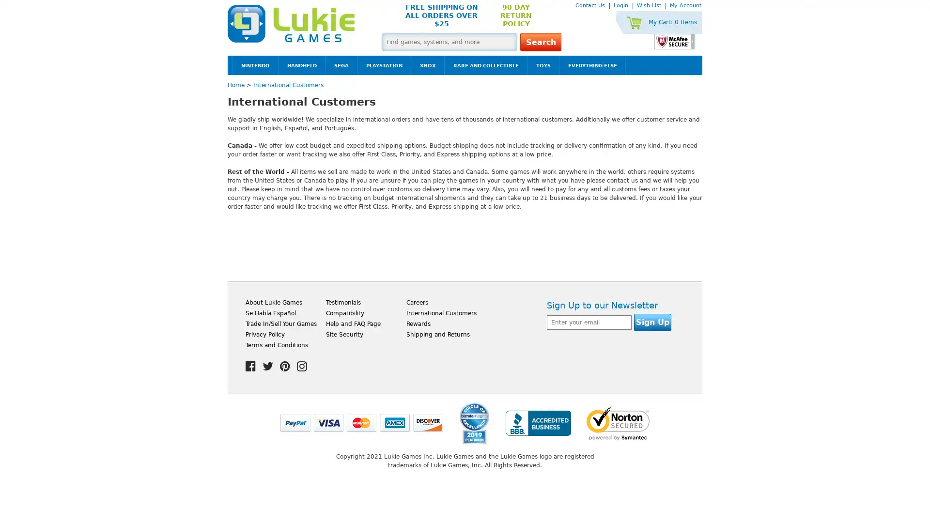 The width and height of the screenshot is (930, 523). I want to click on Sign Up, so click(652, 323).